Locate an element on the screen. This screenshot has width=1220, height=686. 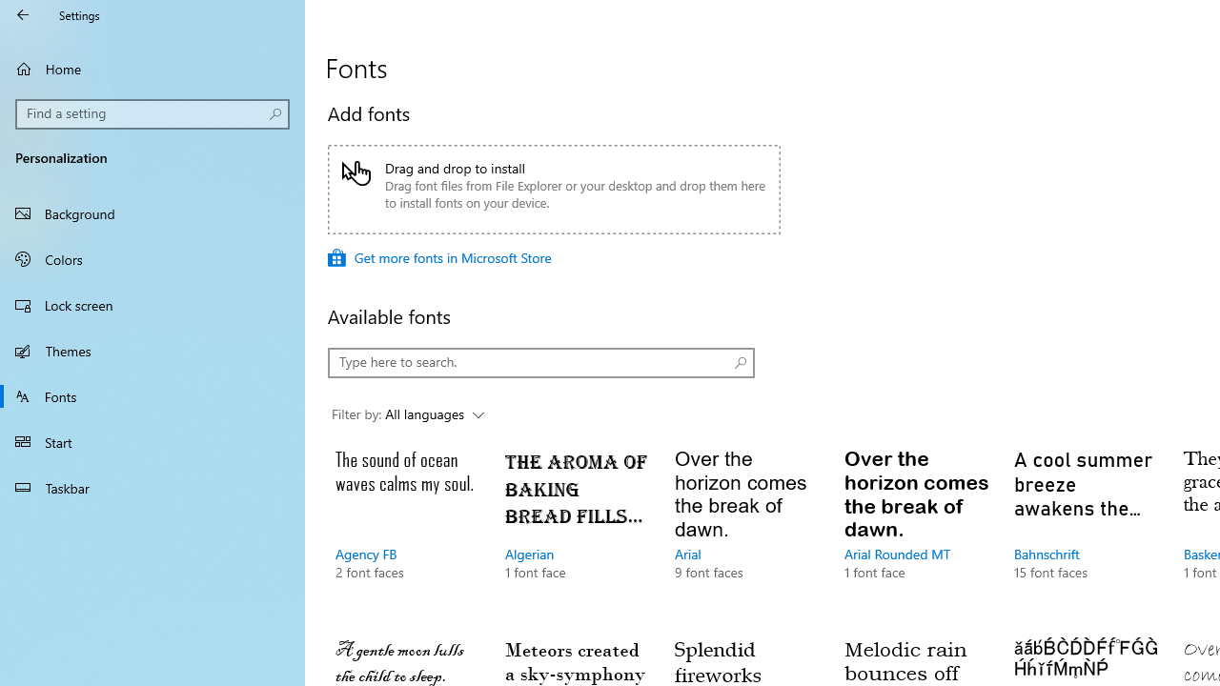
'Filter by: All languages' is located at coordinates (407, 414).